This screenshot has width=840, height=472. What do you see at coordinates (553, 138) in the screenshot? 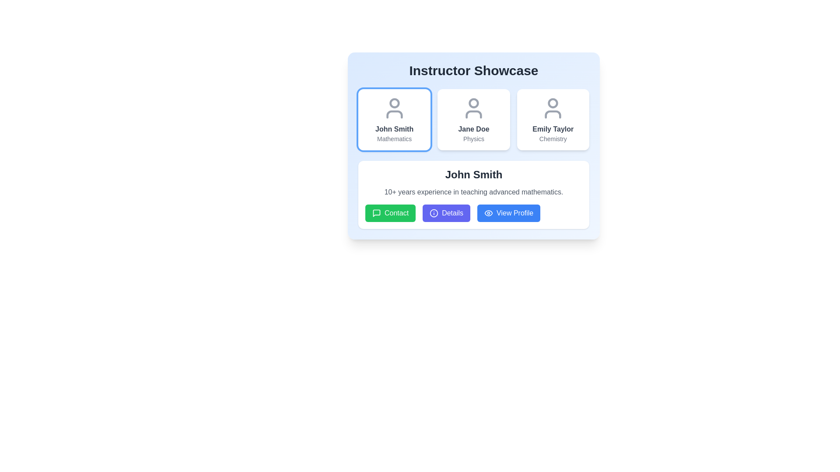
I see `the text label 'Chemistry' located below 'Emily Taylor' in the third user card under 'Instructor Showcase'` at bounding box center [553, 138].